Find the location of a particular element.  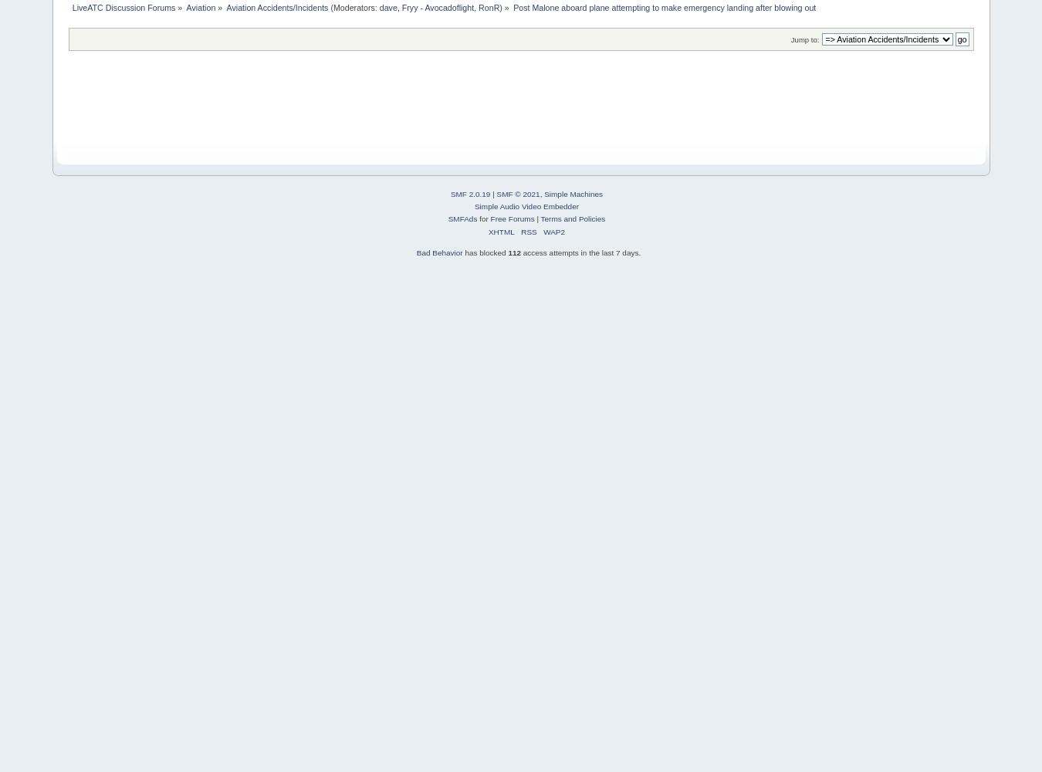

'SMF © 2021' is located at coordinates (496, 193).